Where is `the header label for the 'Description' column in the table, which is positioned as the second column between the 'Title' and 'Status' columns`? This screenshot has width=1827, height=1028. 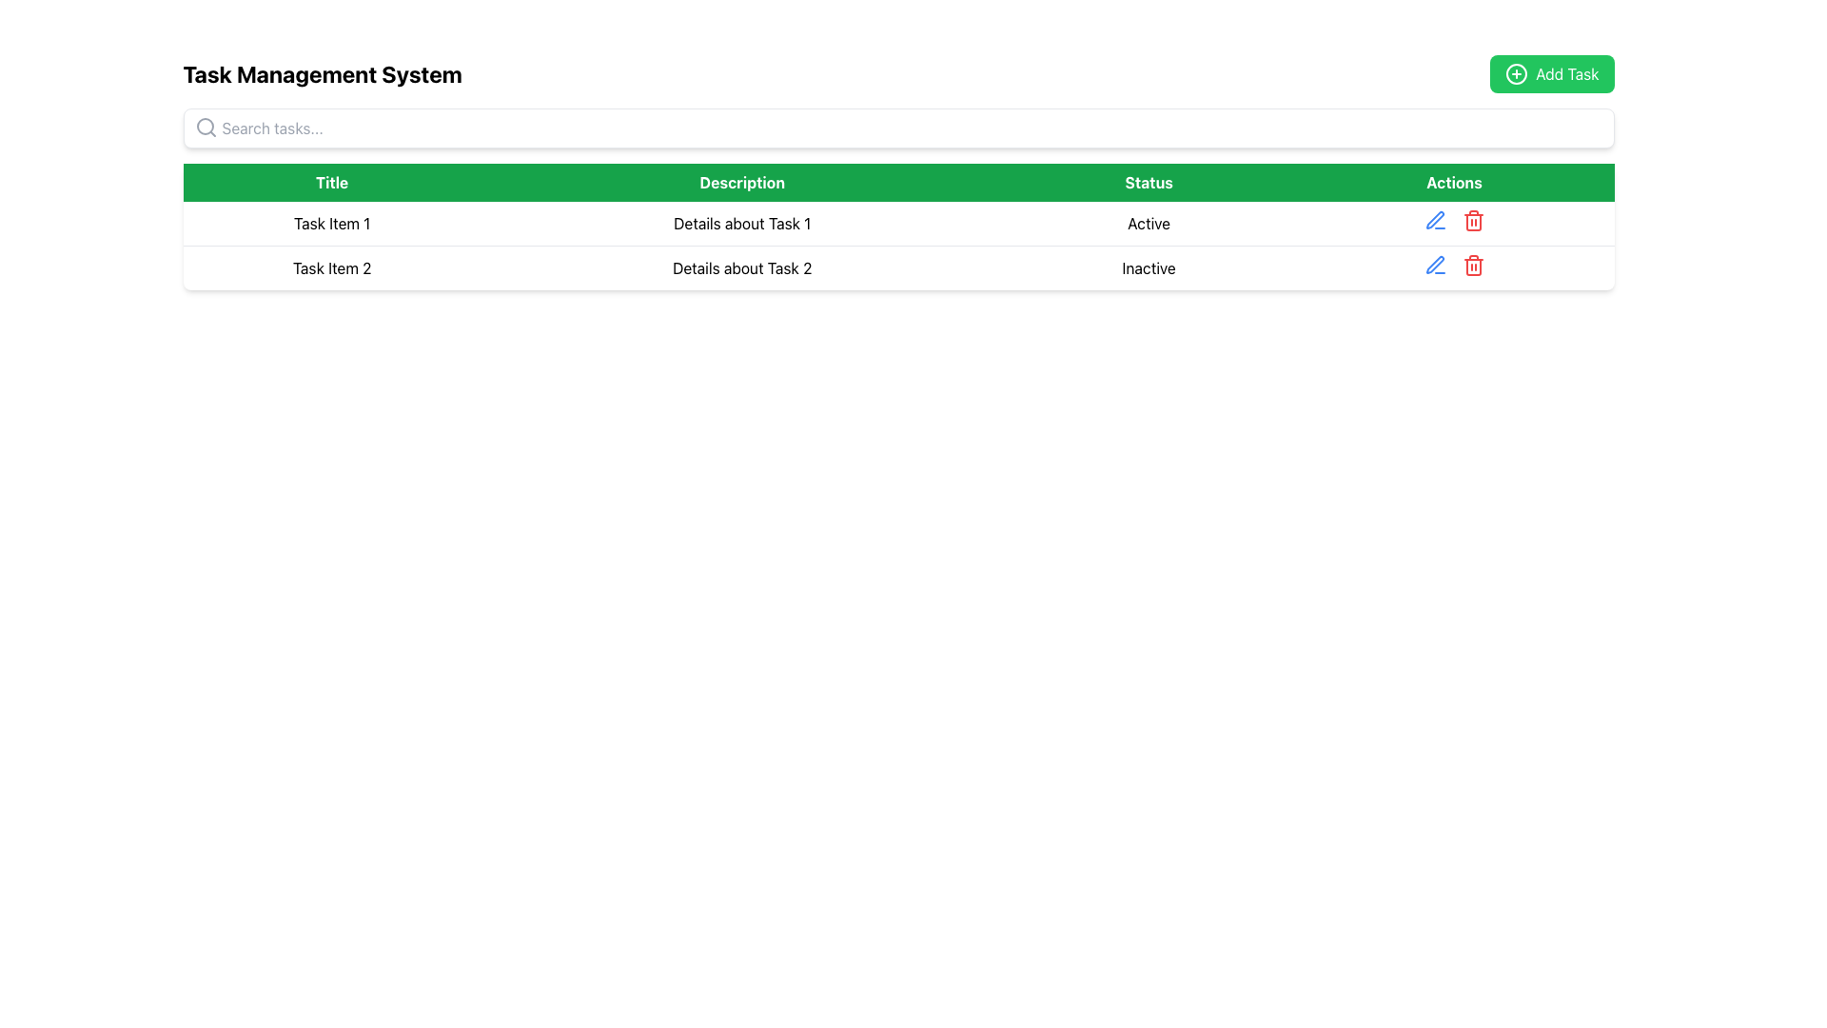 the header label for the 'Description' column in the table, which is positioned as the second column between the 'Title' and 'Status' columns is located at coordinates (741, 183).